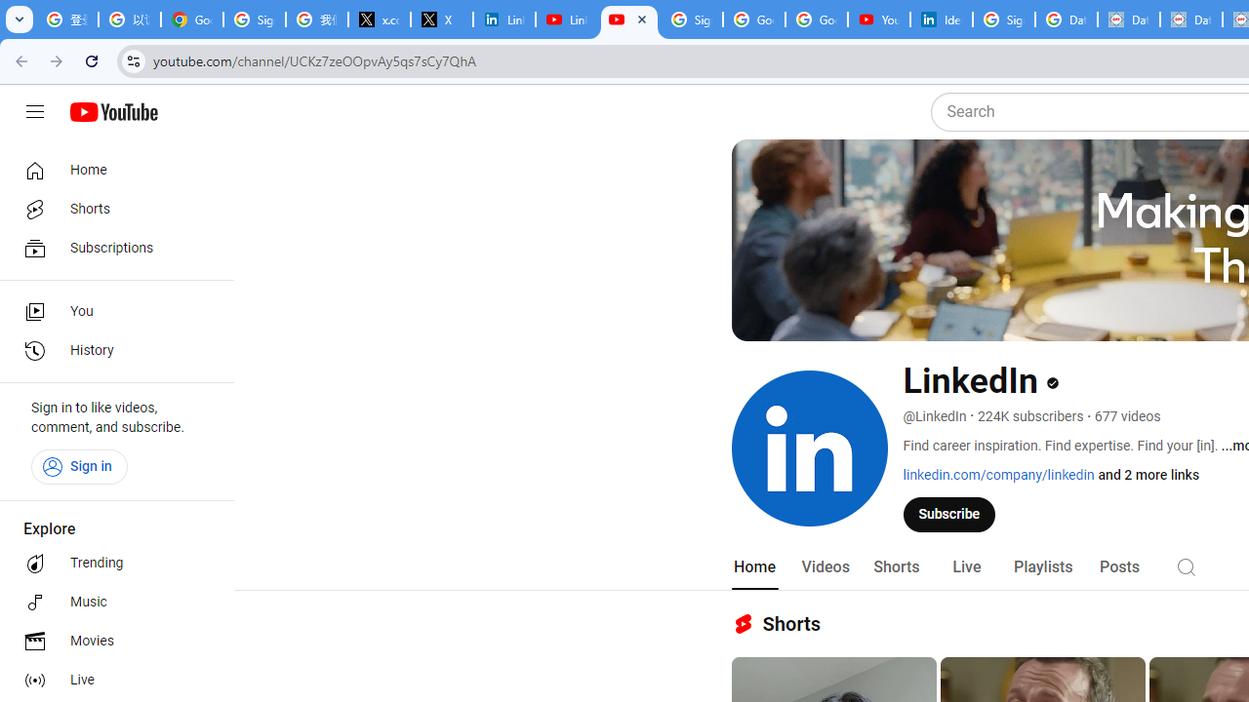 Image resolution: width=1249 pixels, height=702 pixels. Describe the element at coordinates (109, 564) in the screenshot. I see `'Trending'` at that location.